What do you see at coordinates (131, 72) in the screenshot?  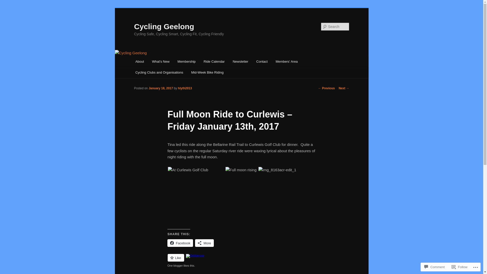 I see `'Cycling Clubs and Organisations'` at bounding box center [131, 72].